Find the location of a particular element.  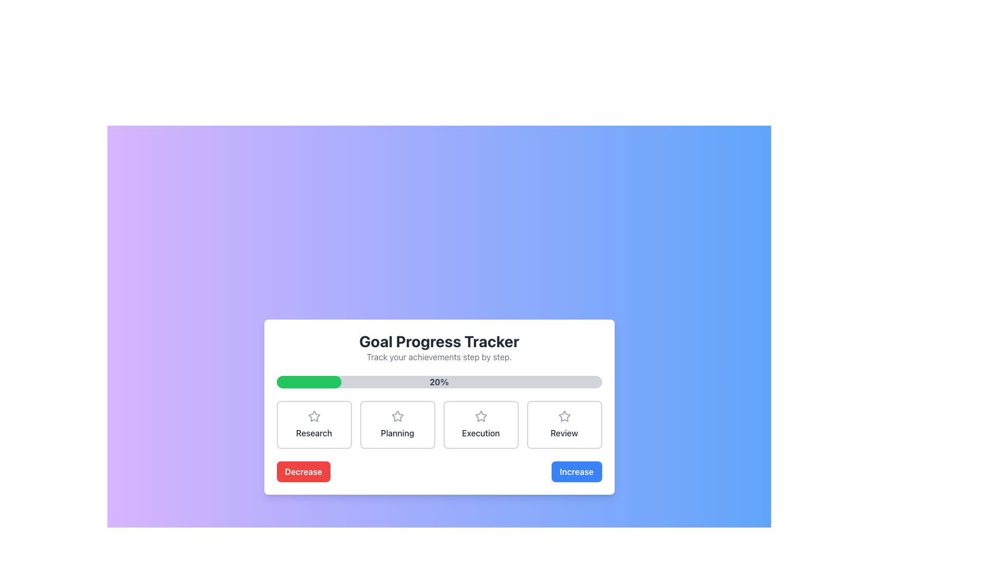

the third card in the row, which features a star icon above the text 'Execution' and is located below a progress bar is located at coordinates (480, 424).